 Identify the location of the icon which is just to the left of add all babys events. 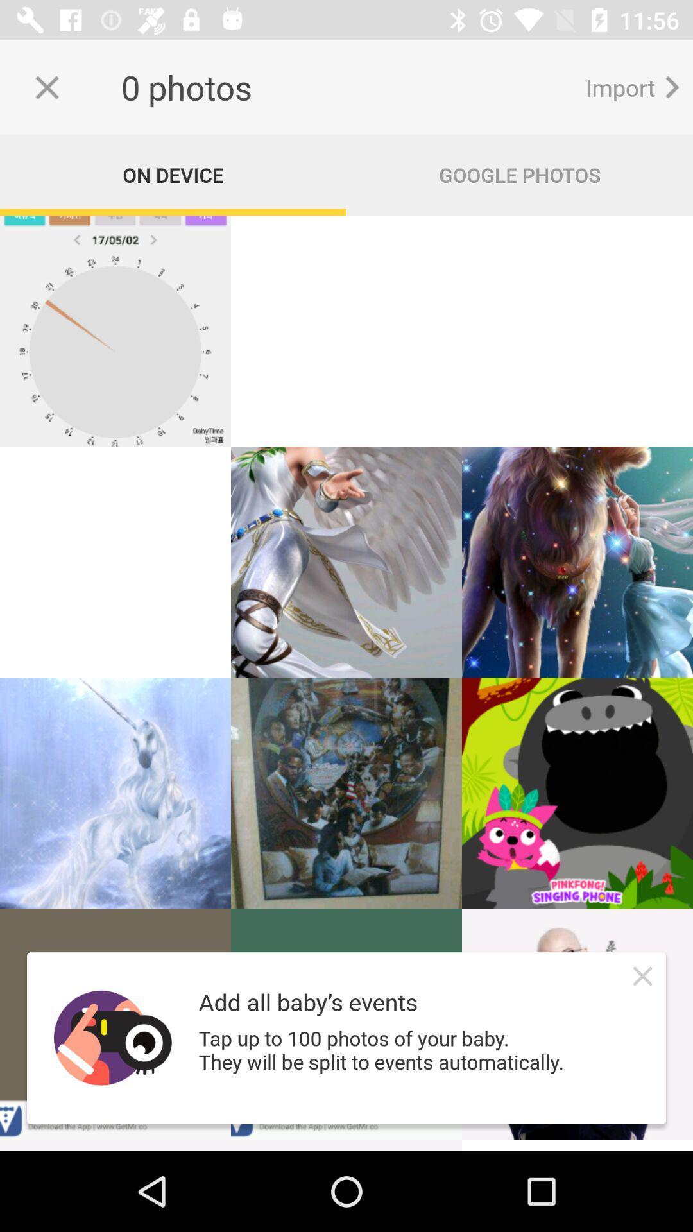
(112, 1038).